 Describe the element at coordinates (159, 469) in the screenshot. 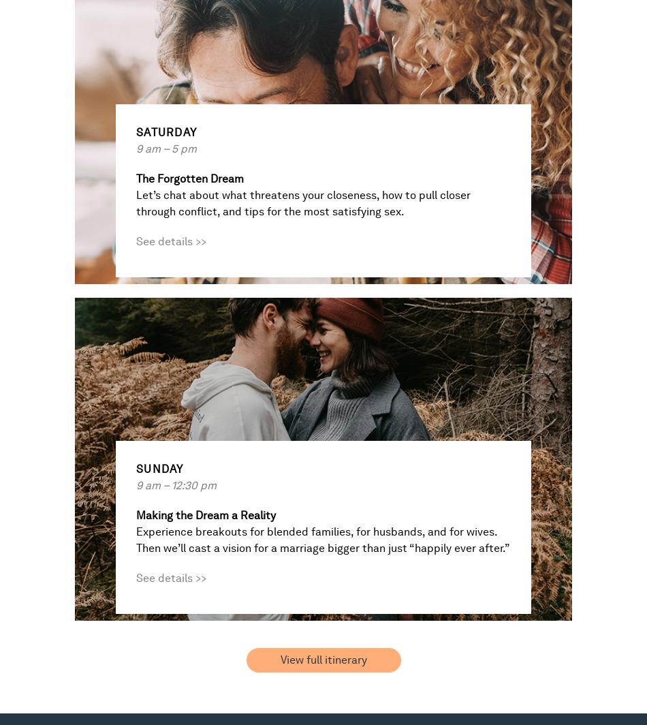

I see `'SUNDAY'` at that location.